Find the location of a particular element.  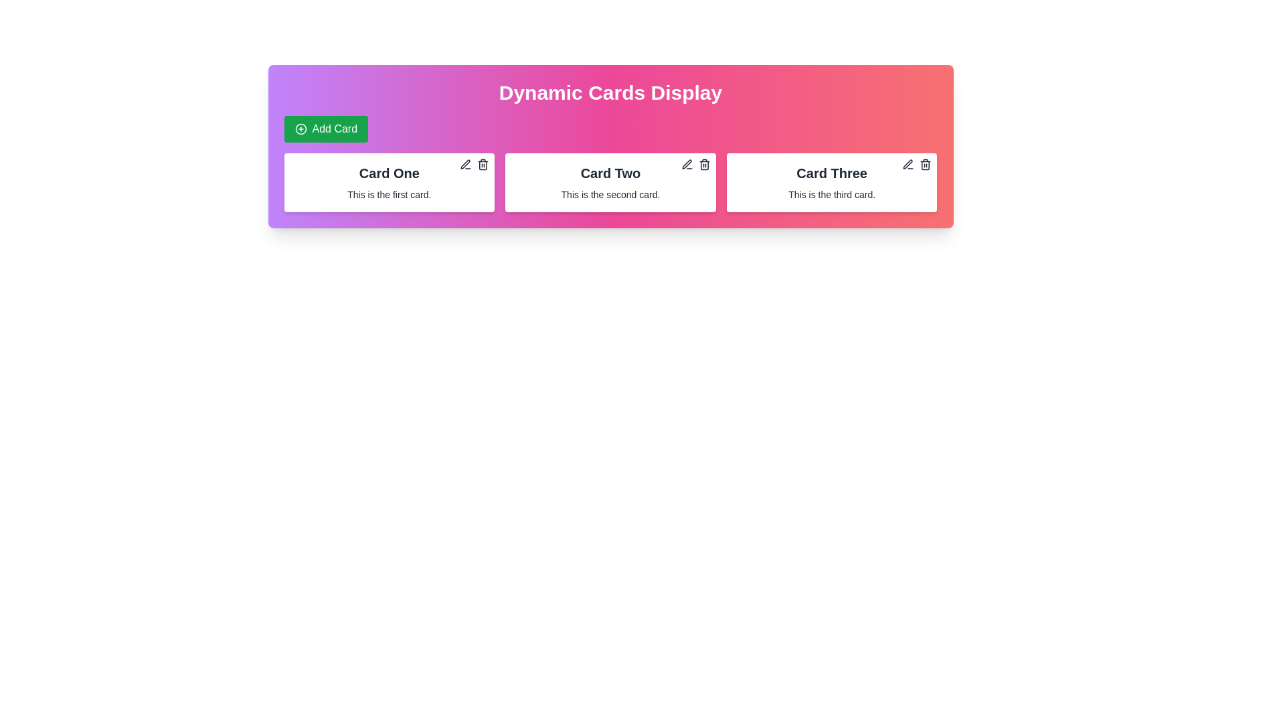

the header text of the first card labeled 'Card One' located in the section beneath 'Dynamic Cards Display' is located at coordinates (388, 172).